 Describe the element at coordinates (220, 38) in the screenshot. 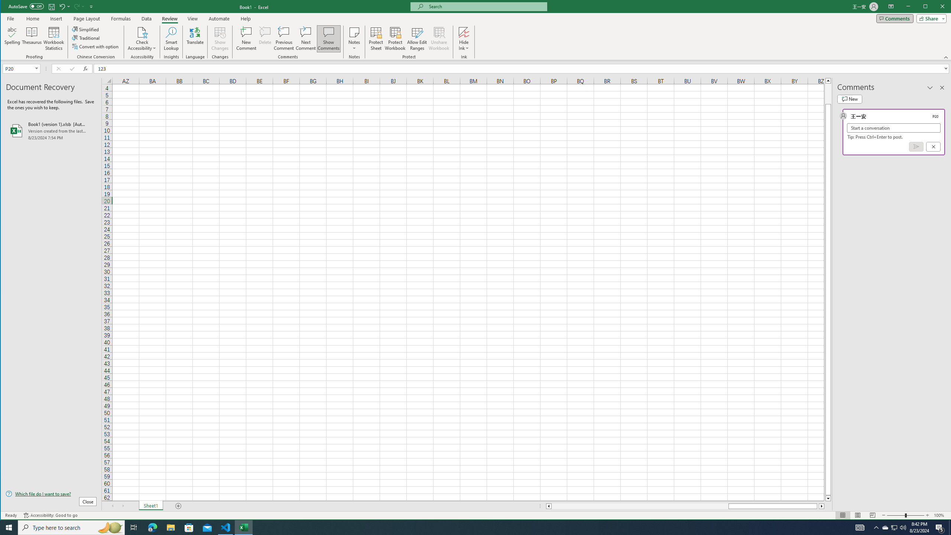

I see `'Show Changes'` at that location.